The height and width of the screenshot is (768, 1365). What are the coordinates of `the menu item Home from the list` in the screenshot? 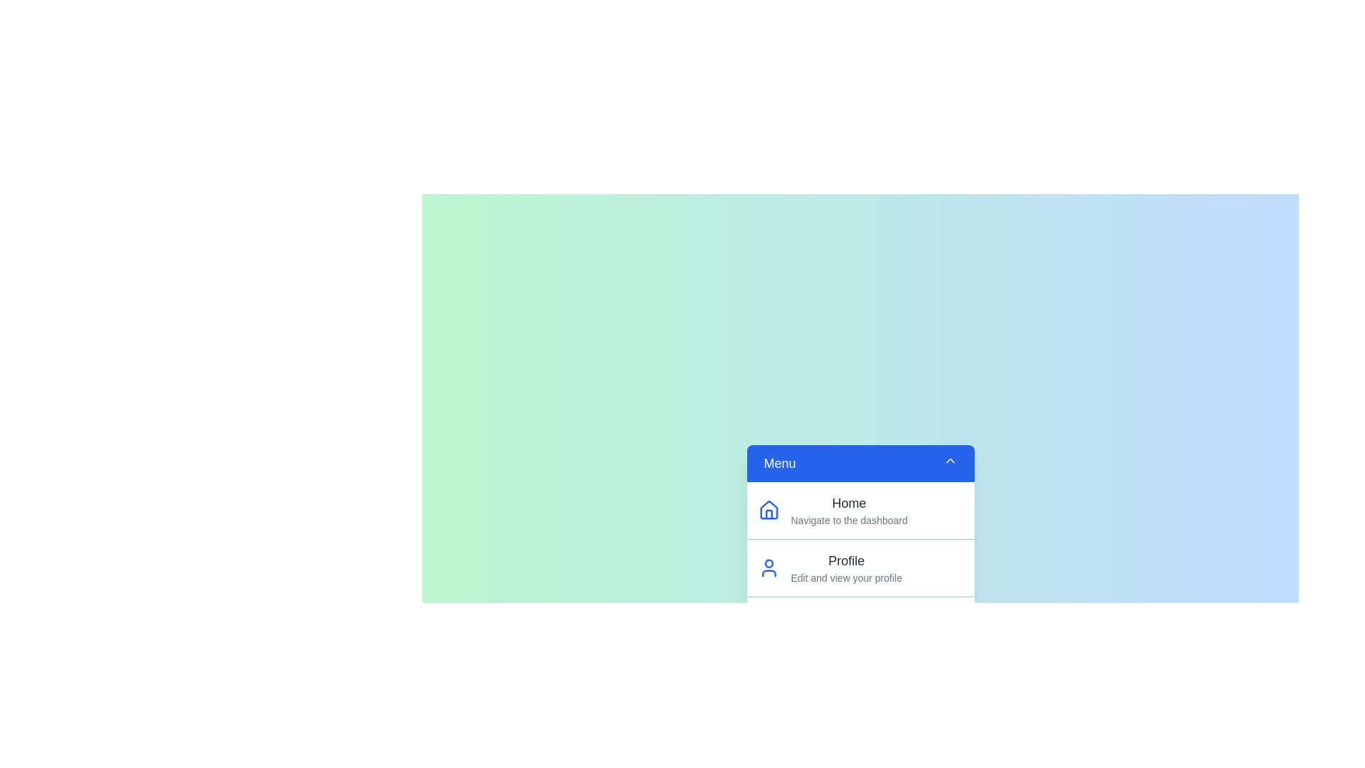 It's located at (860, 509).